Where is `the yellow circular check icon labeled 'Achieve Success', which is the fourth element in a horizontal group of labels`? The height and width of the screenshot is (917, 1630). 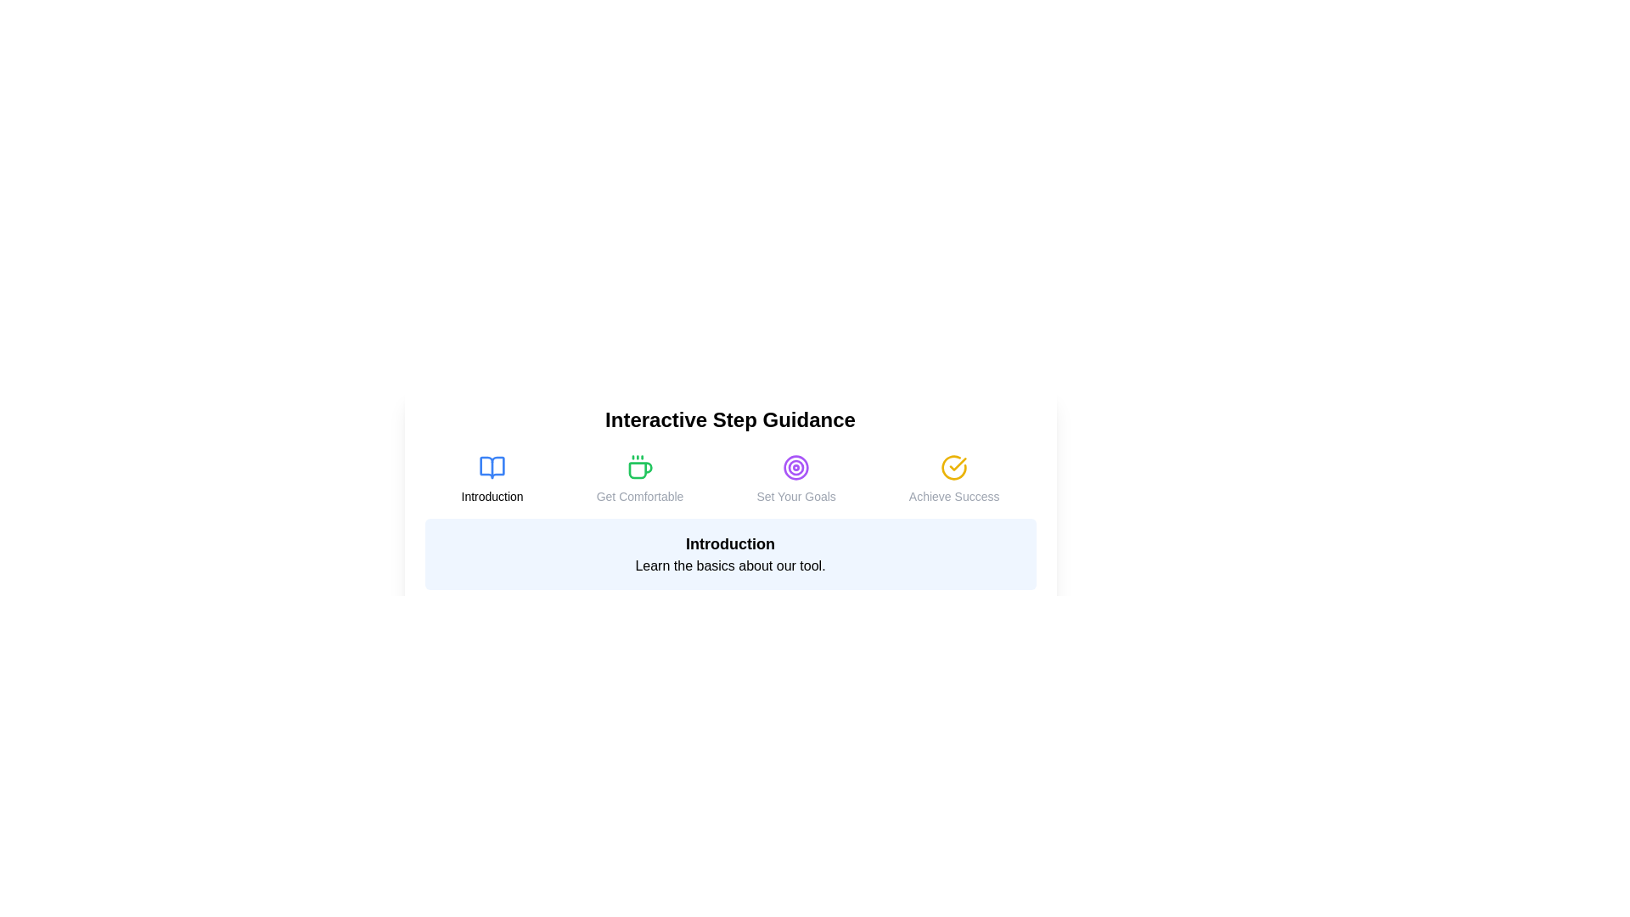
the yellow circular check icon labeled 'Achieve Success', which is the fourth element in a horizontal group of labels is located at coordinates (954, 479).